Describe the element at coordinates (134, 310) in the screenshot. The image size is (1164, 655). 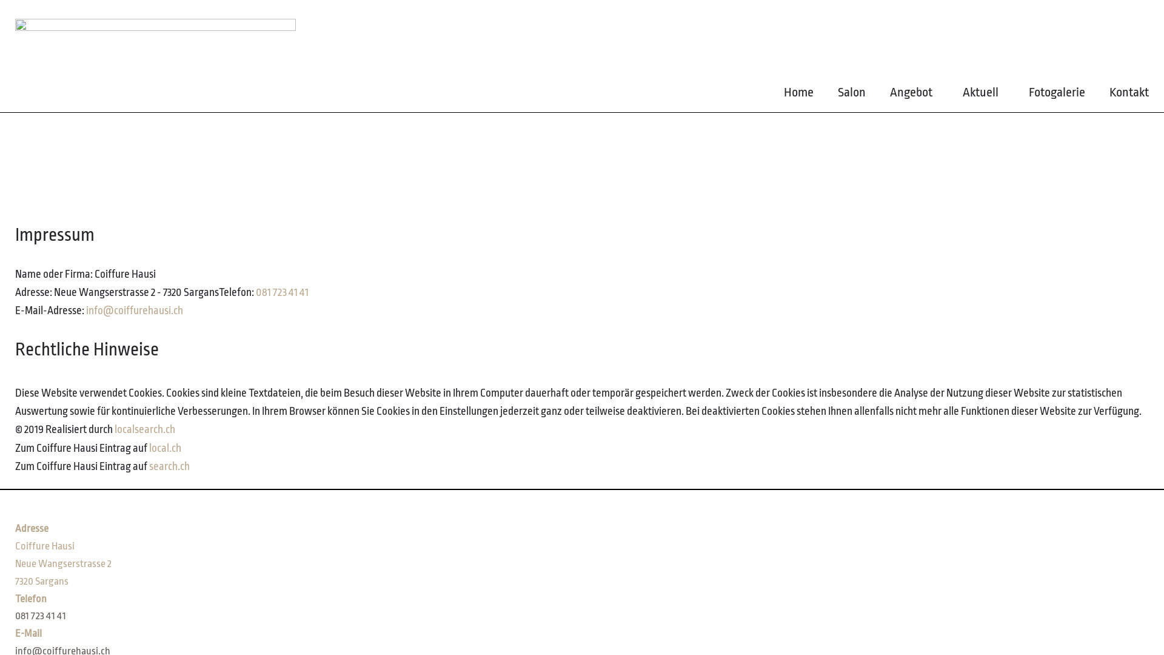
I see `'info@coiffurehausi.ch'` at that location.